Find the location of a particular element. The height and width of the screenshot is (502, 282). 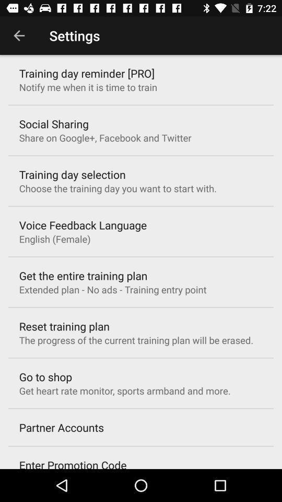

icon below training day reminder icon is located at coordinates (87, 86).